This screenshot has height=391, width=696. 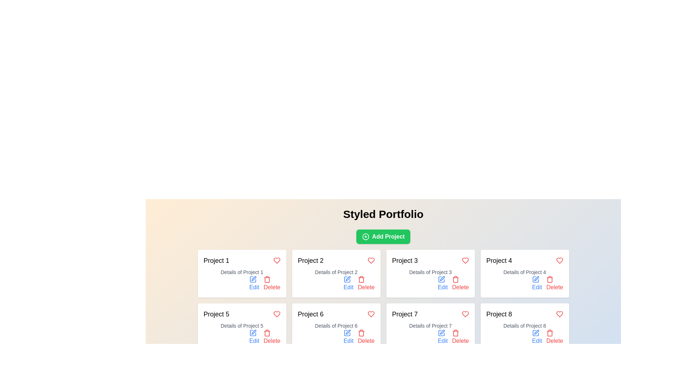 I want to click on the red 'Delete' button-like interactive text-link with a trash bin icon, which is positioned to the right of the 'Edit' link in the controls below the 'Project 4' card, so click(x=554, y=283).